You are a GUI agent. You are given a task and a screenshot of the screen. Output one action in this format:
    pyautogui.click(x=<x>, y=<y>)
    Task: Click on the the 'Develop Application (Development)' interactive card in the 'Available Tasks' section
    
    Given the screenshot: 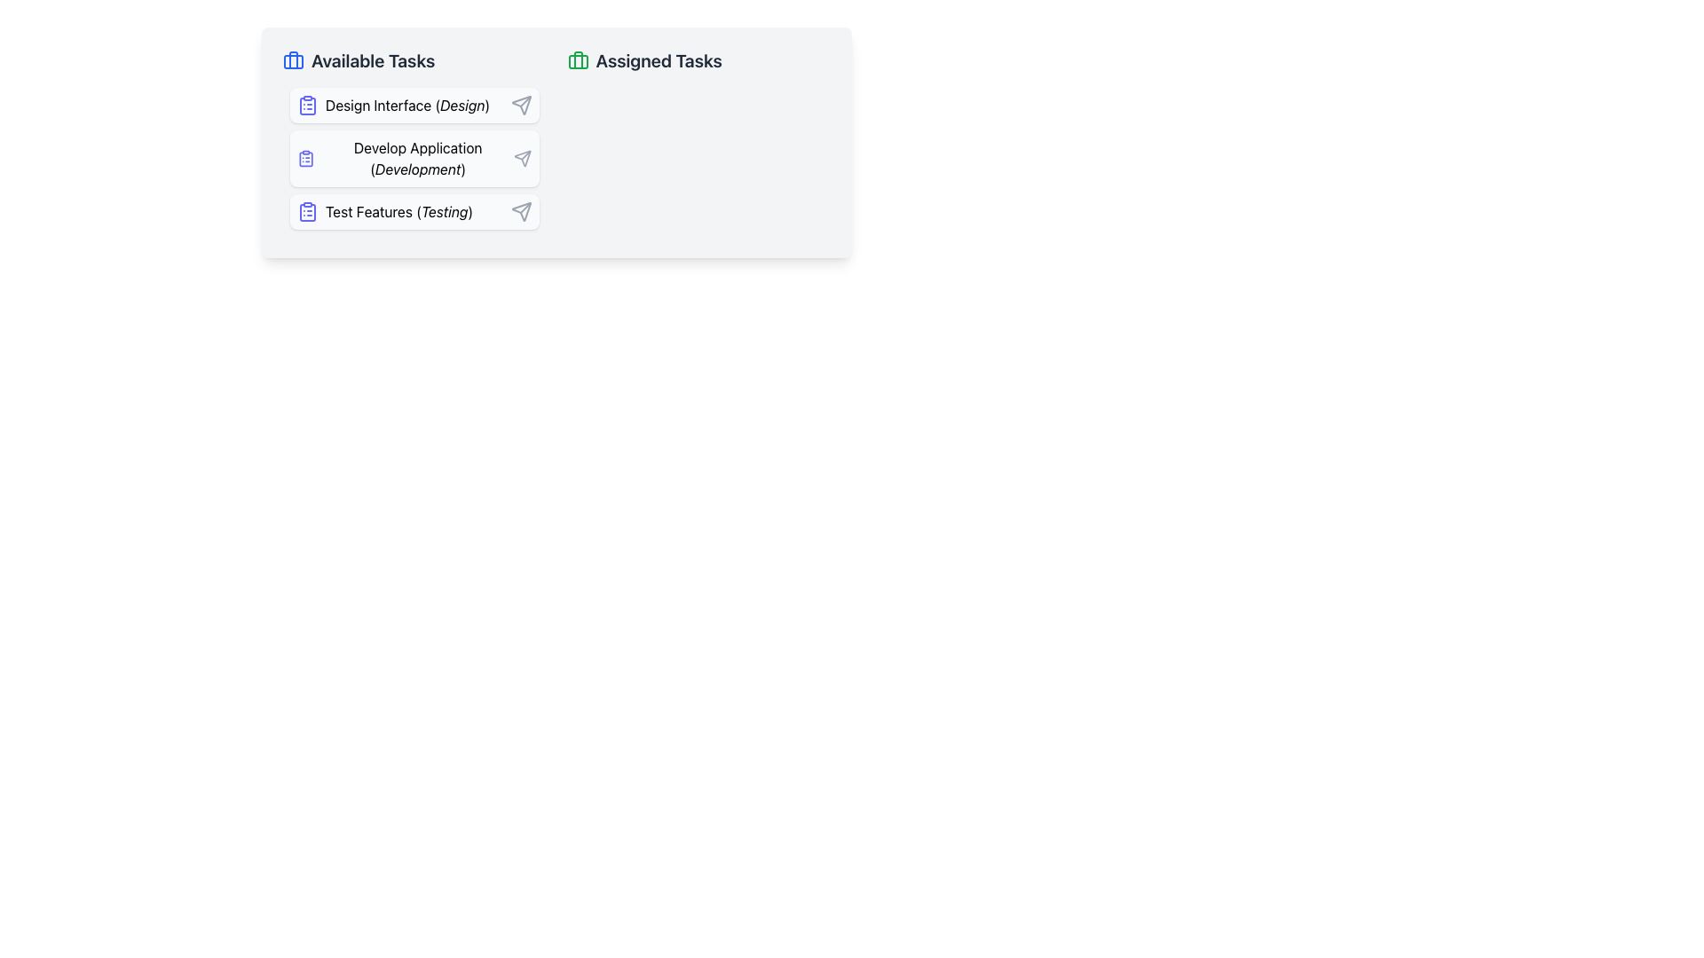 What is the action you would take?
    pyautogui.click(x=414, y=157)
    